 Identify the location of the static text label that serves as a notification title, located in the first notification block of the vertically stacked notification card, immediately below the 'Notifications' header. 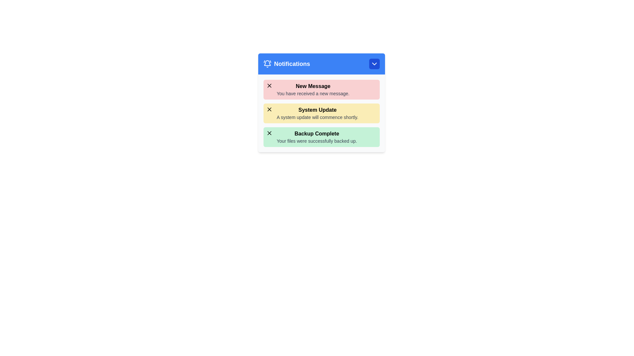
(313, 86).